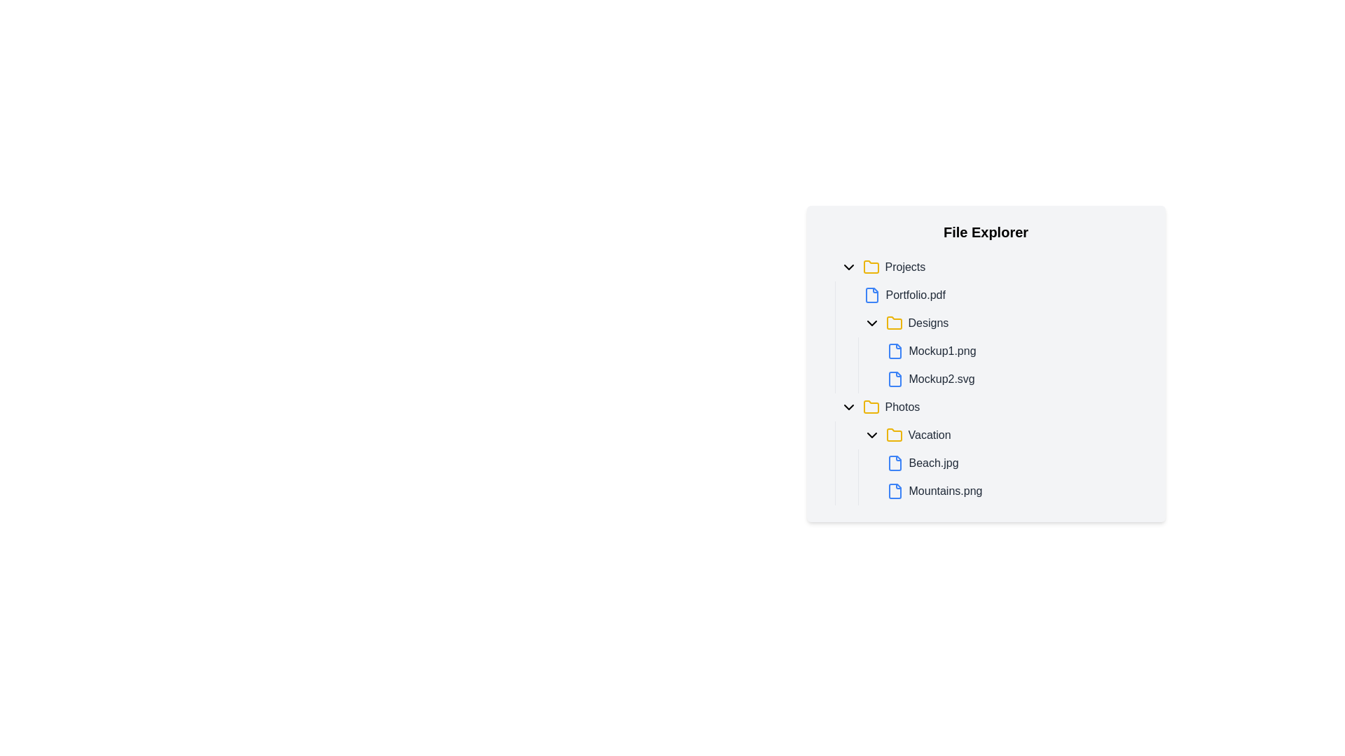  Describe the element at coordinates (1002, 294) in the screenshot. I see `on the list item labeled 'Portfolio.pdf' in the file browser` at that location.